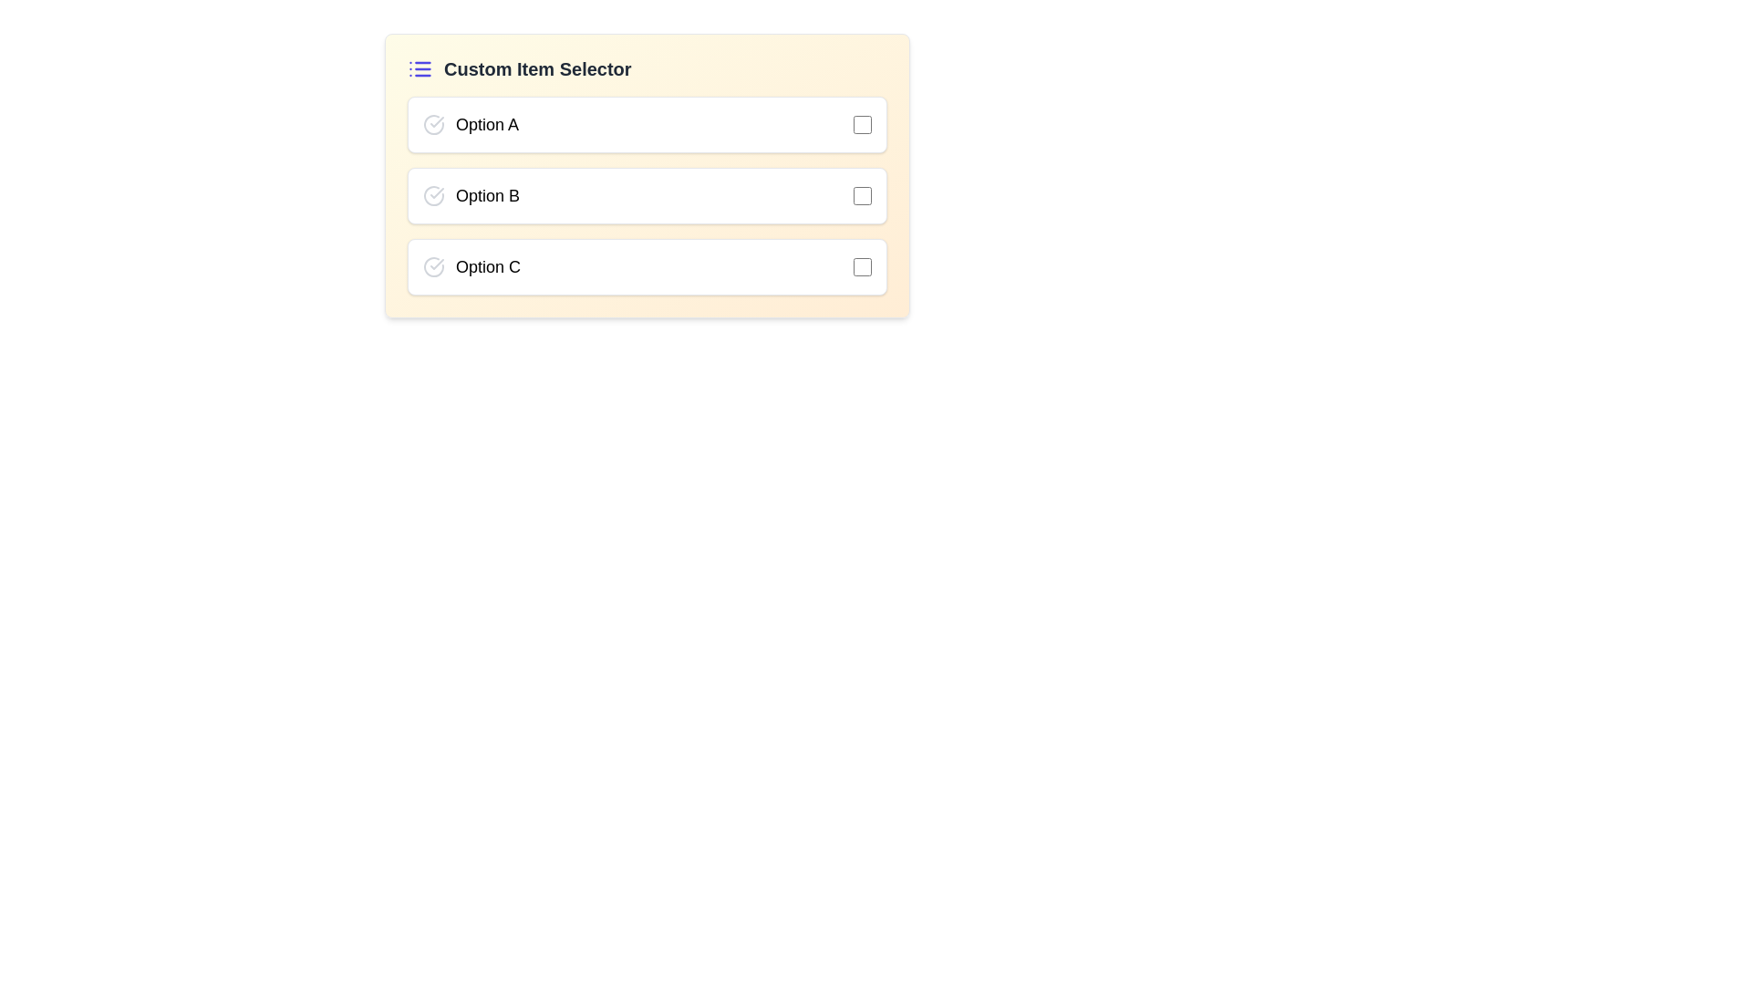 The width and height of the screenshot is (1751, 985). What do you see at coordinates (861, 267) in the screenshot?
I see `the checkbox for 'Option C' in the 'Custom Item Selector'` at bounding box center [861, 267].